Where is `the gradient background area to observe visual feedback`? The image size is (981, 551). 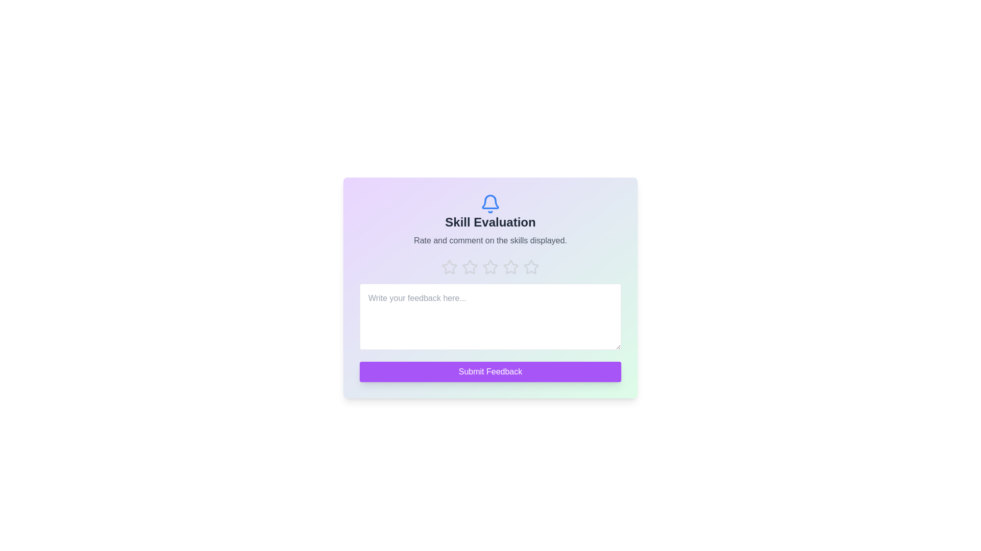 the gradient background area to observe visual feedback is located at coordinates (491, 288).